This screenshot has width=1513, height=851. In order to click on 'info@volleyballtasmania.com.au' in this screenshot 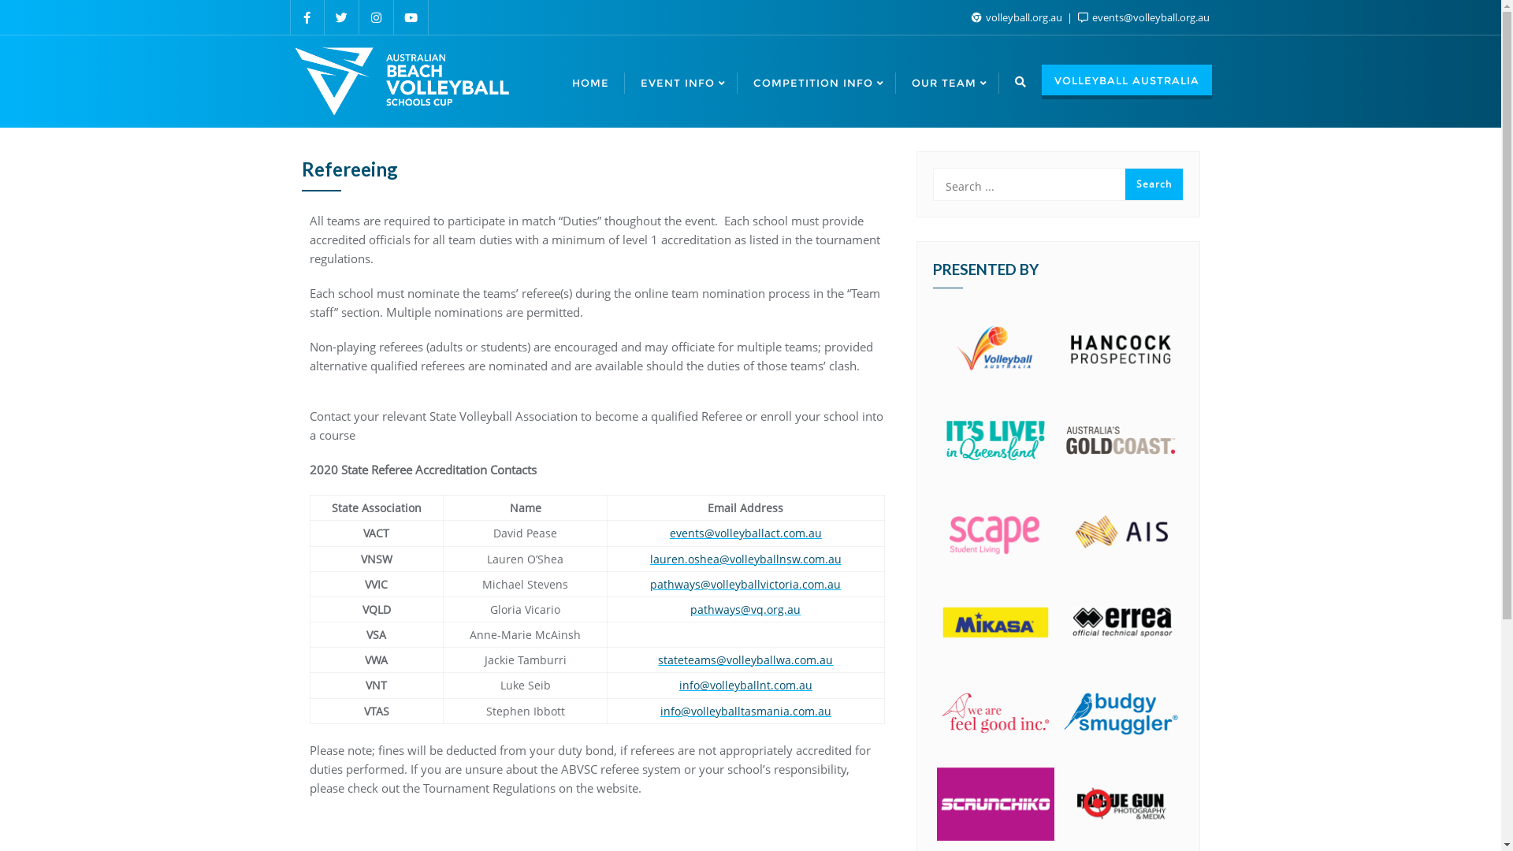, I will do `click(745, 711)`.